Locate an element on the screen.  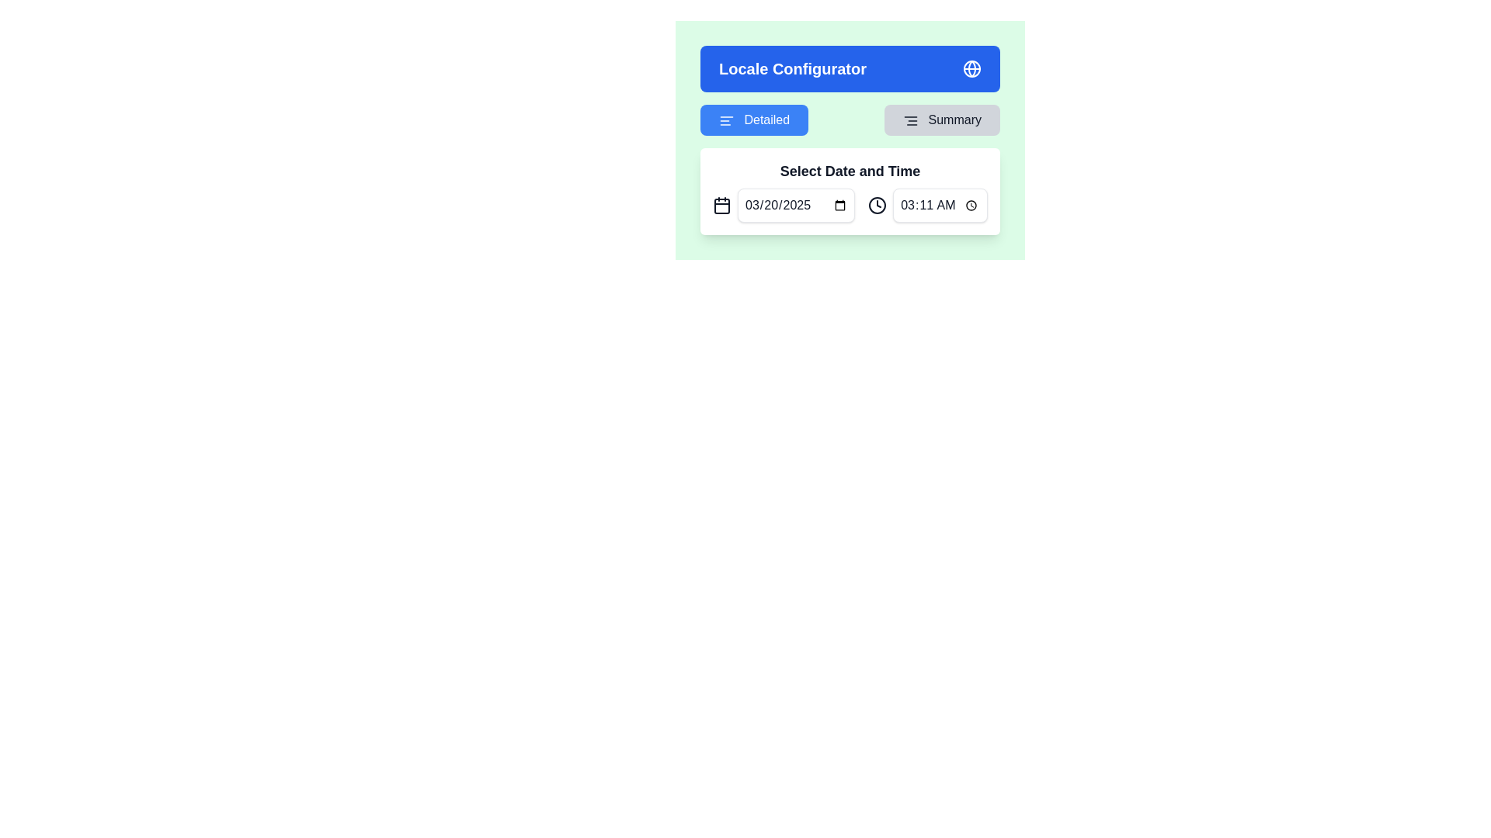
the Date Picker Component located in the 'Select Date and Time' section is located at coordinates (784, 205).